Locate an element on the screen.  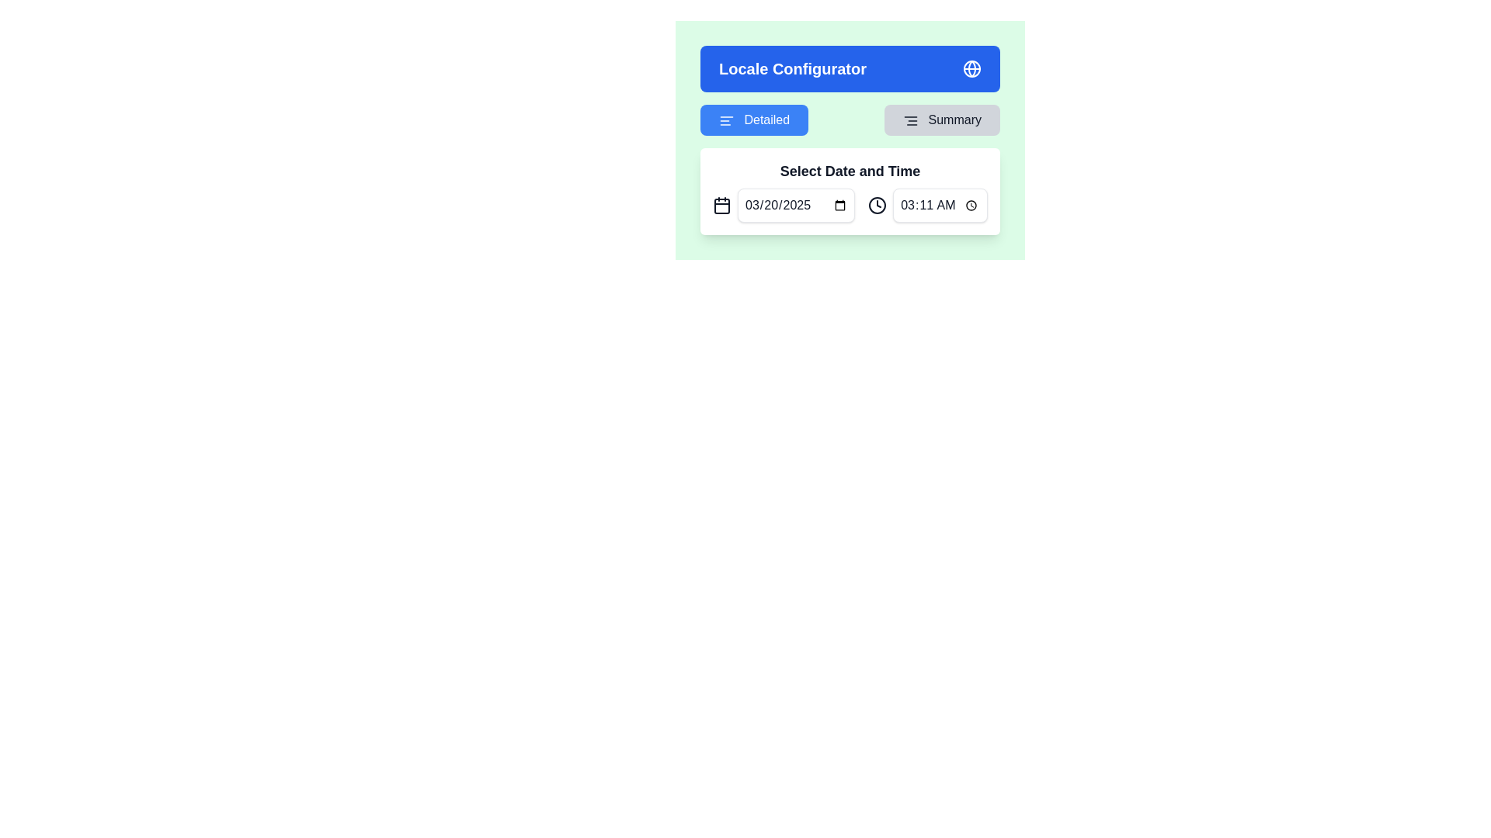
the Date Picker Component located in the 'Select Date and Time' section is located at coordinates (784, 205).